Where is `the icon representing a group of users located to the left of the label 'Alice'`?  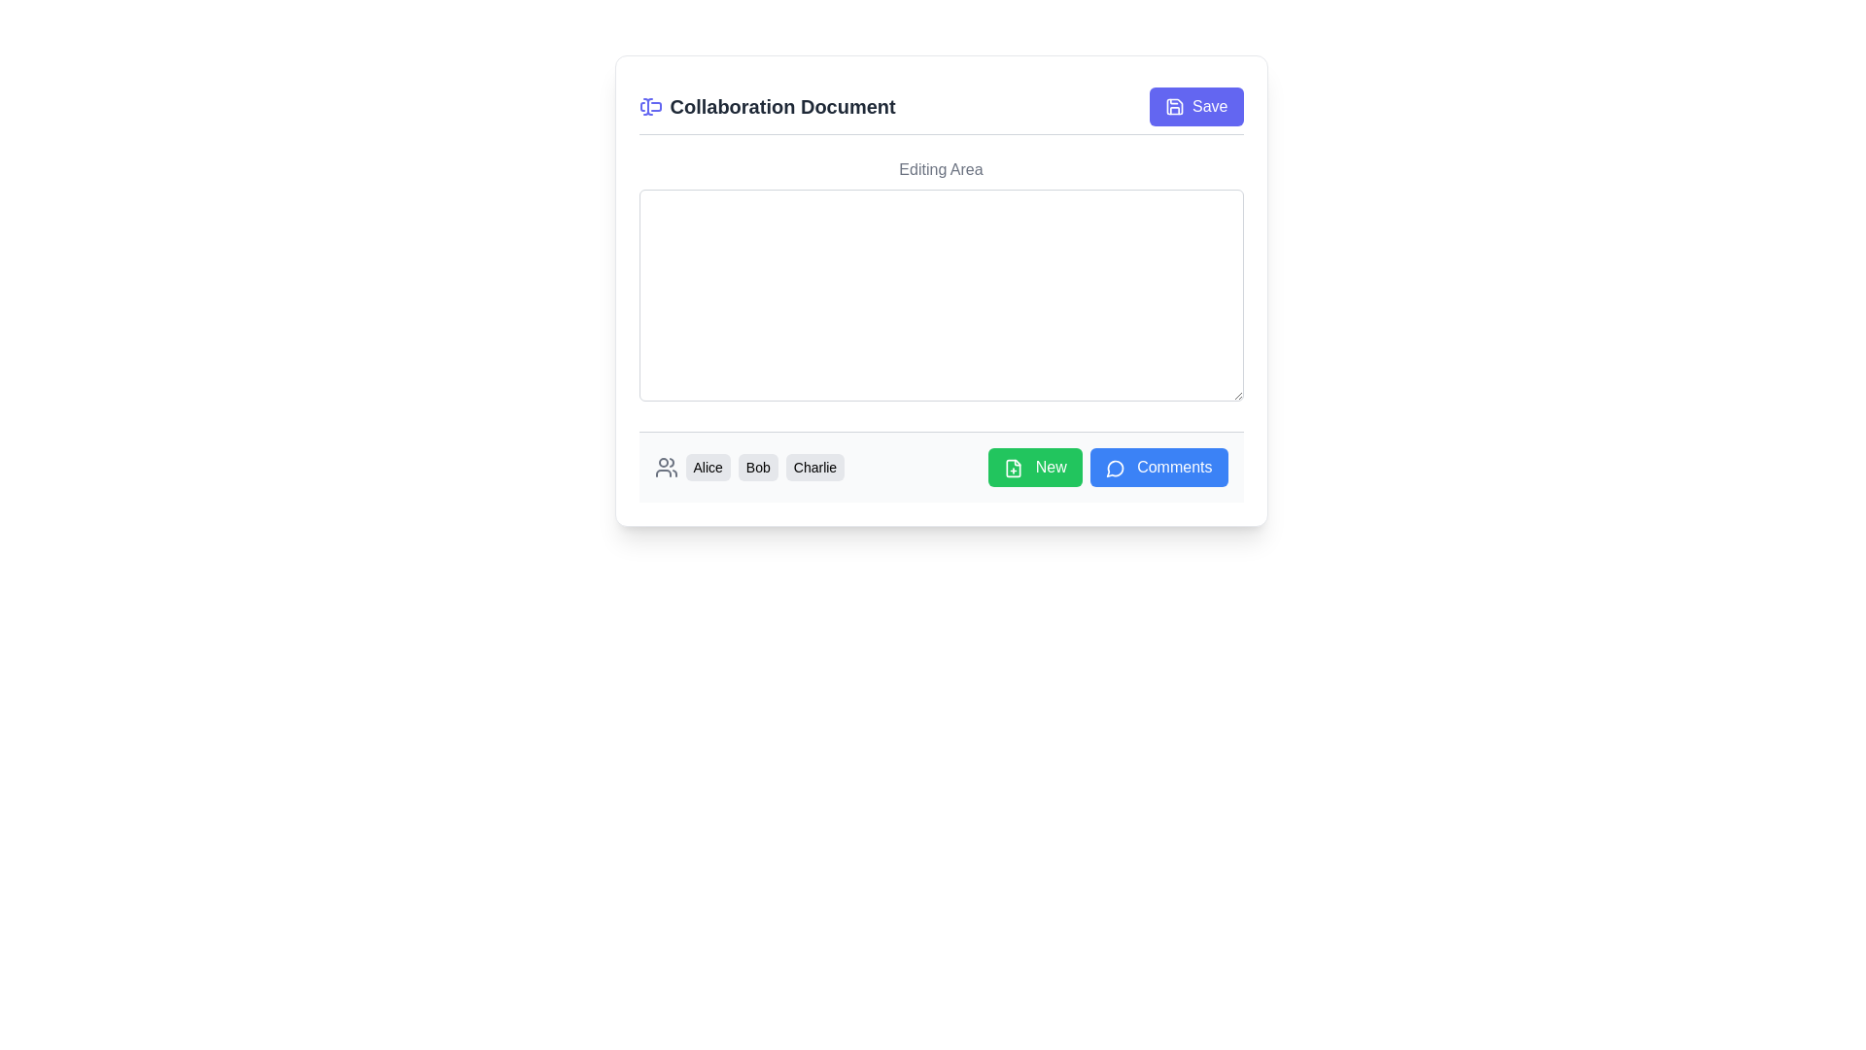
the icon representing a group of users located to the left of the label 'Alice' is located at coordinates (666, 468).